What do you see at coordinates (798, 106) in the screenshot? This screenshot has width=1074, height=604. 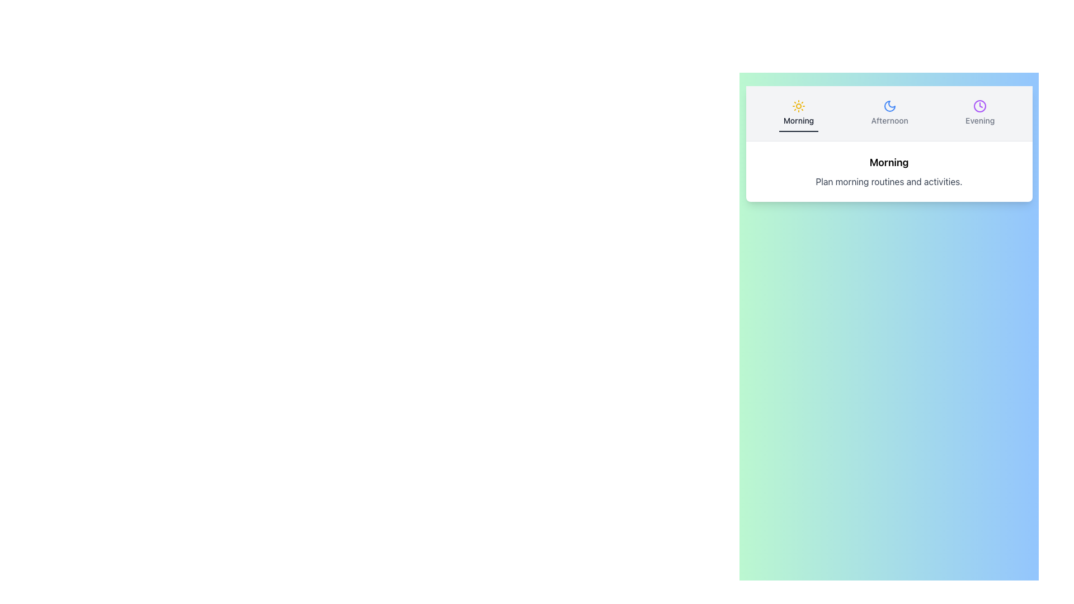 I see `the 'Morning' icon in the top navigation section` at bounding box center [798, 106].